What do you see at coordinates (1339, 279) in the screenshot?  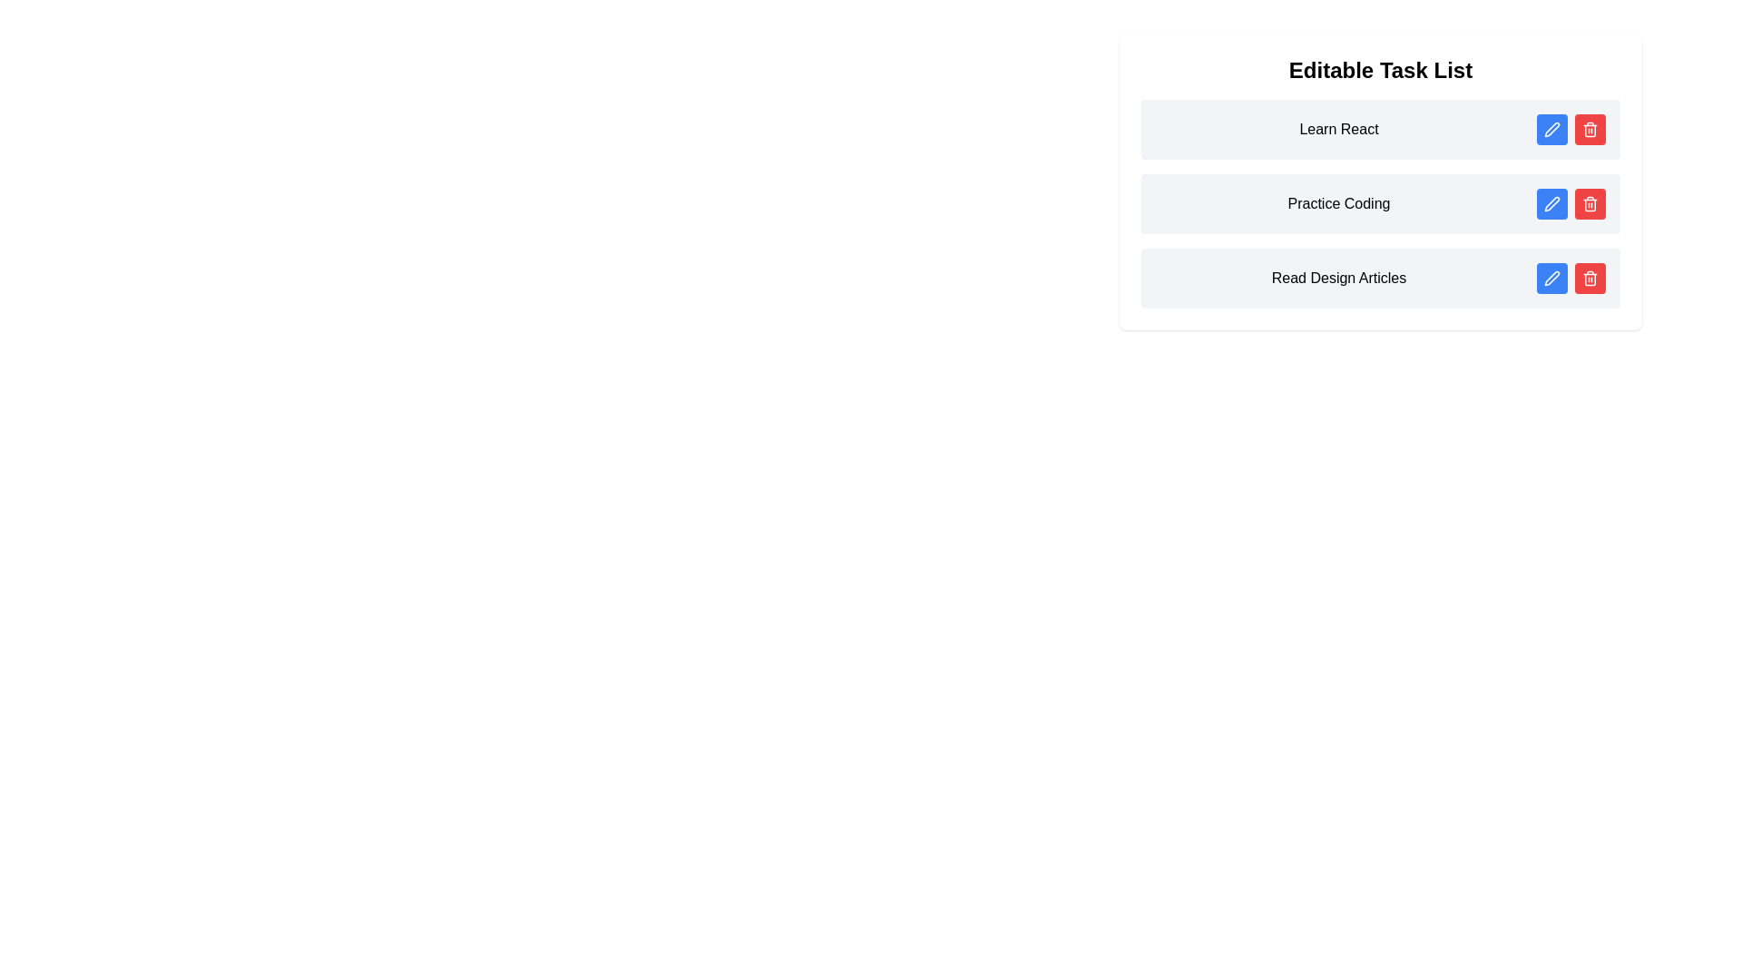 I see `text content of the label displaying 'Read Design Articles' in the third item of the 'Editable Task List'` at bounding box center [1339, 279].